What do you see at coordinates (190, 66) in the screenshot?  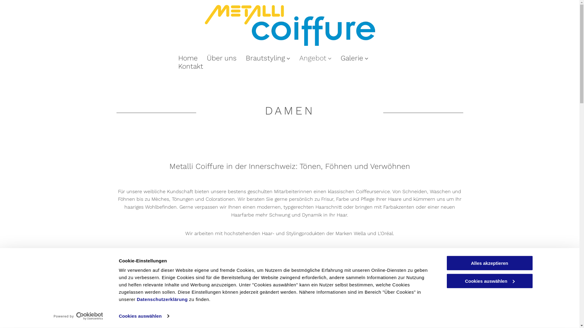 I see `'Kontakt'` at bounding box center [190, 66].